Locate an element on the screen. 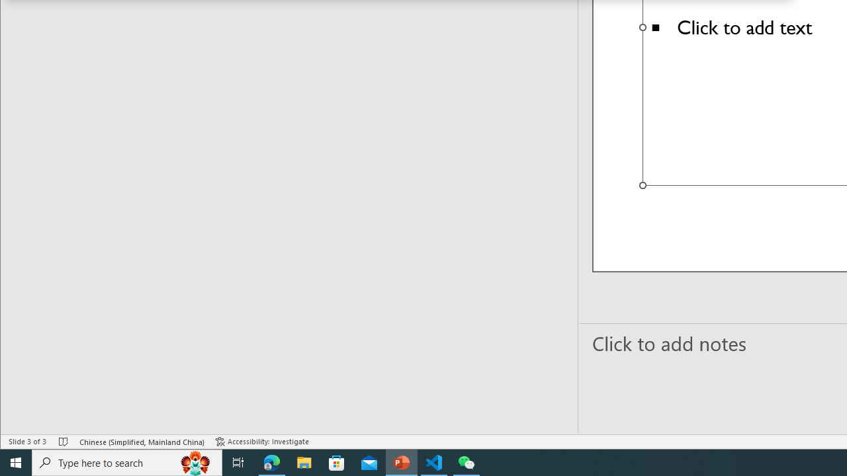 The height and width of the screenshot is (476, 847). 'Microsoft Edge - 1 running window' is located at coordinates (271, 461).